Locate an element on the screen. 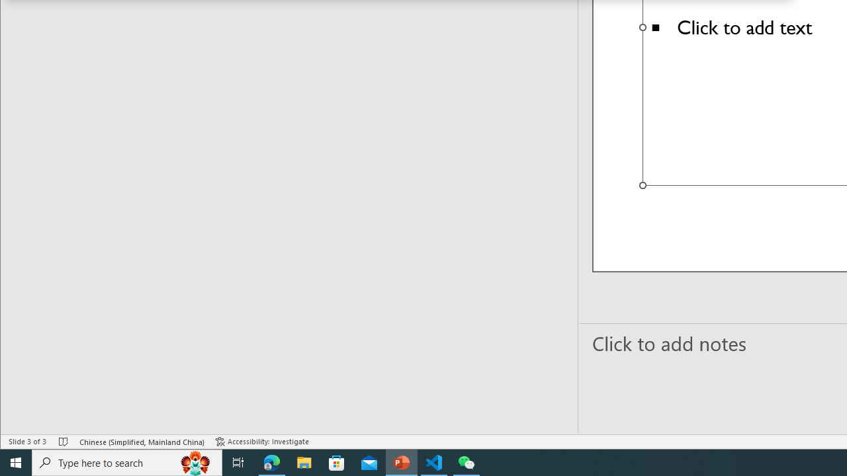 The height and width of the screenshot is (476, 847). 'Microsoft Edge - 1 running window' is located at coordinates (271, 461).